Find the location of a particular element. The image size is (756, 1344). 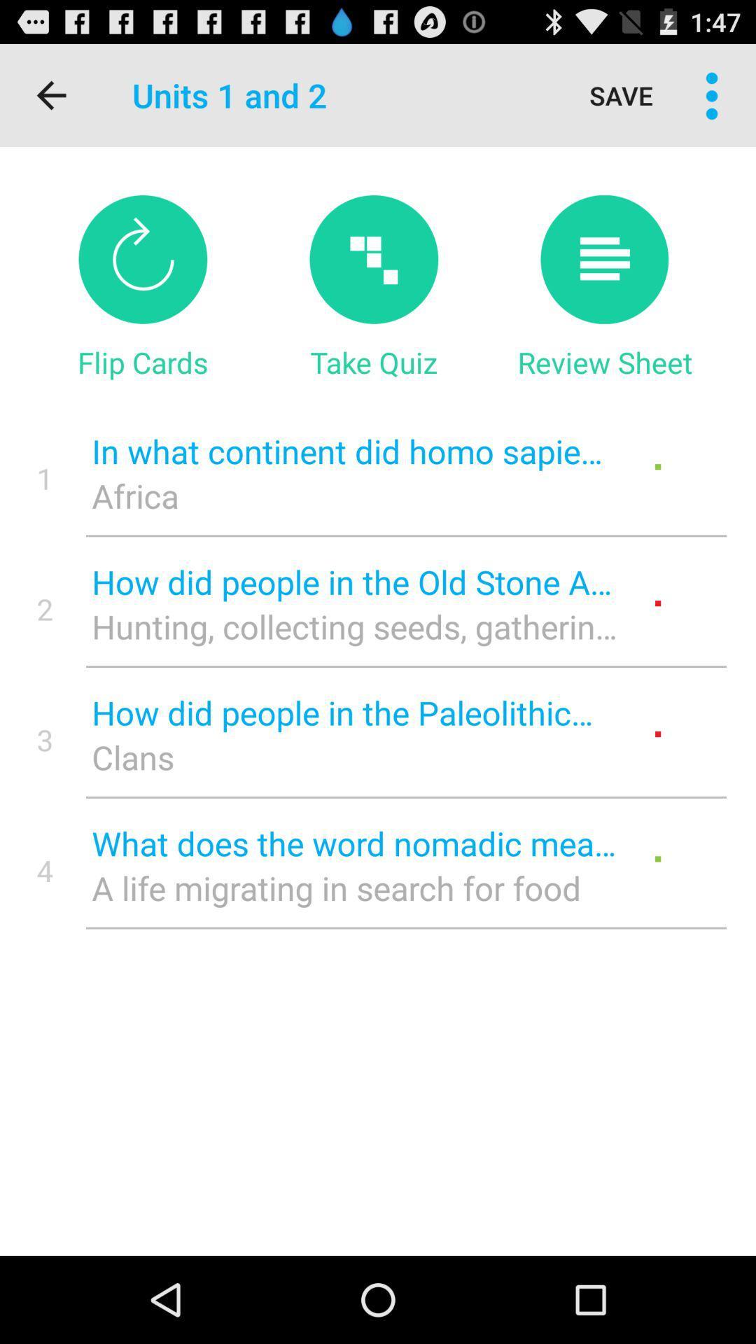

review sheet is located at coordinates (604, 259).